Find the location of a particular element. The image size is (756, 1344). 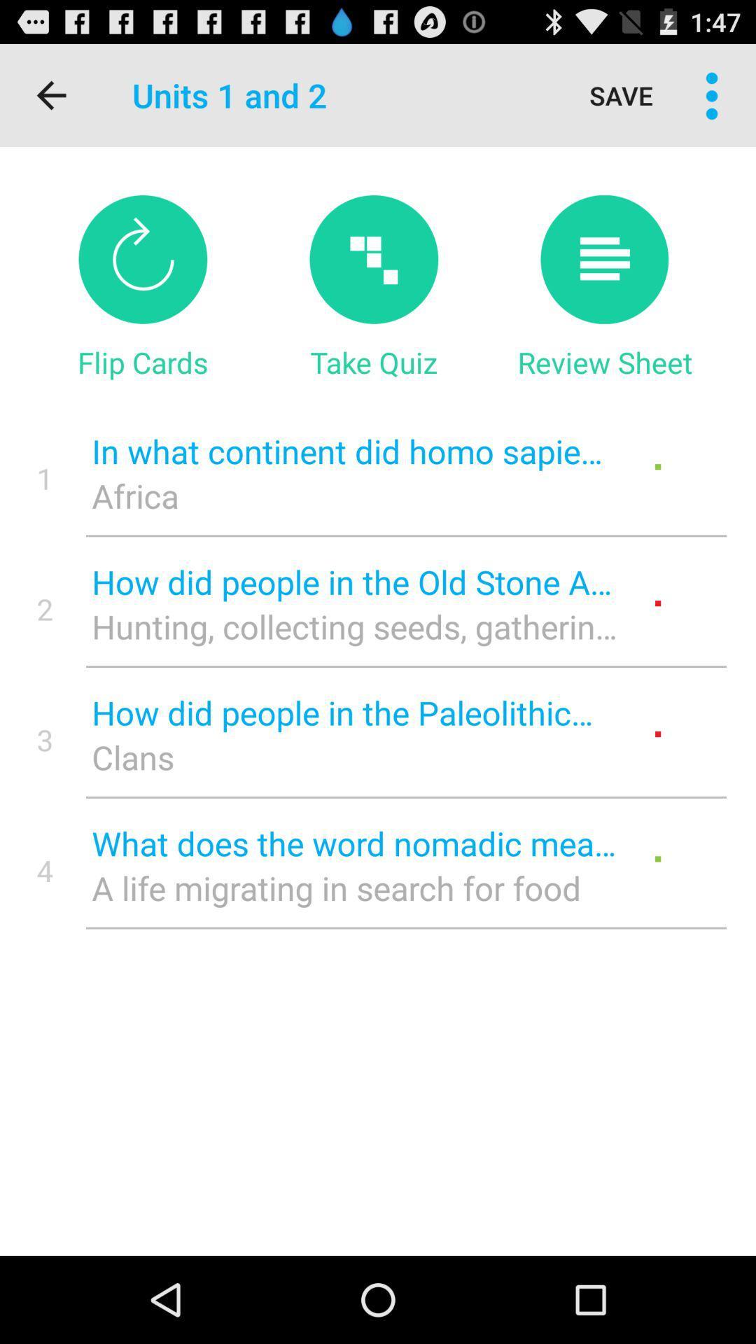

review sheet is located at coordinates (604, 259).